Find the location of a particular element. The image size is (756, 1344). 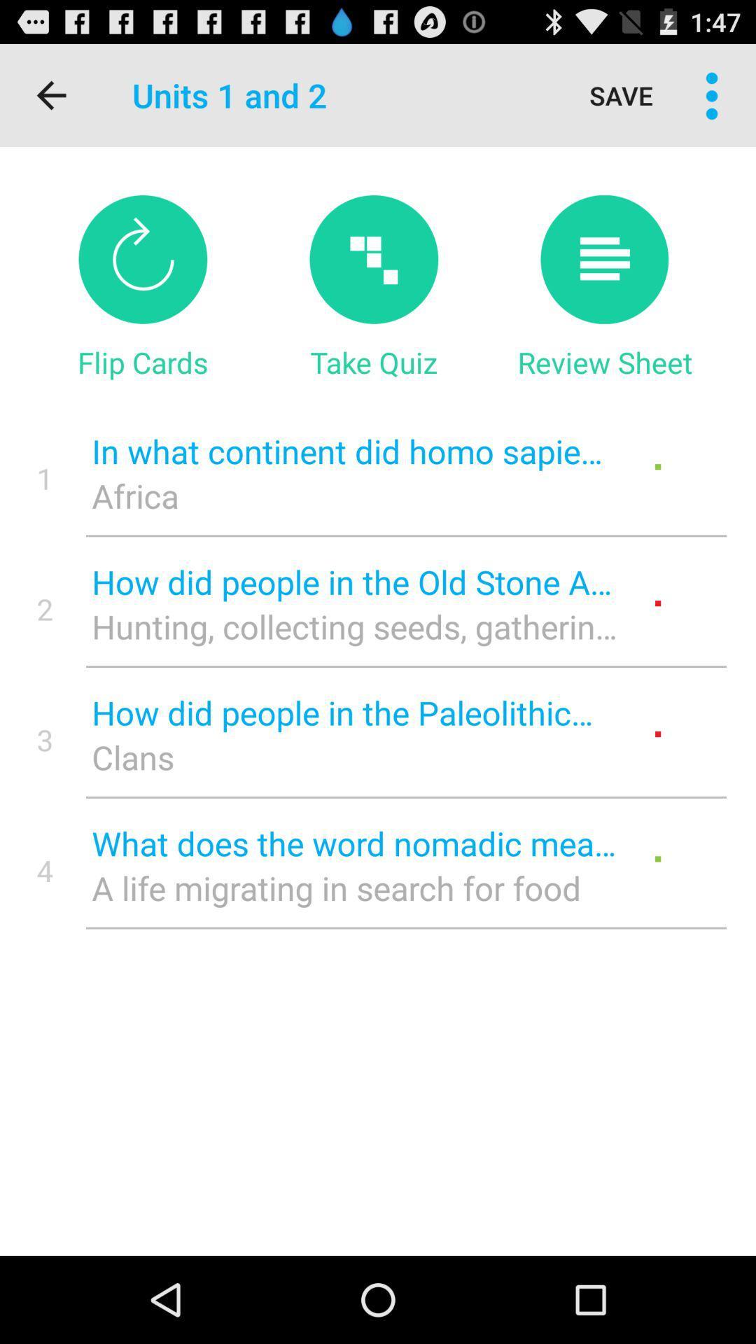

review sheet is located at coordinates (604, 259).